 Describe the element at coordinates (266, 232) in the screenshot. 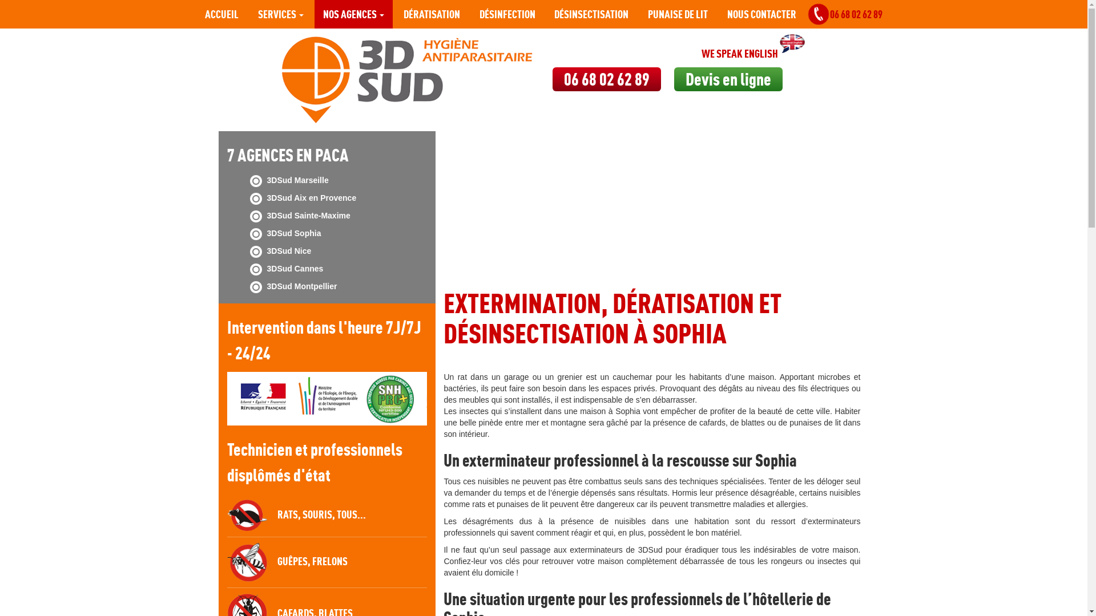

I see `'3DSud Sophia'` at that location.